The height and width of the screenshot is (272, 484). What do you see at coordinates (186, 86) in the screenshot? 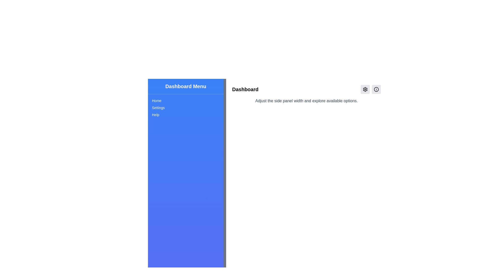
I see `the text label 'Dashboard Menu', which is styled with bold, large font and is located at the top of the vertical blue sidebar` at bounding box center [186, 86].